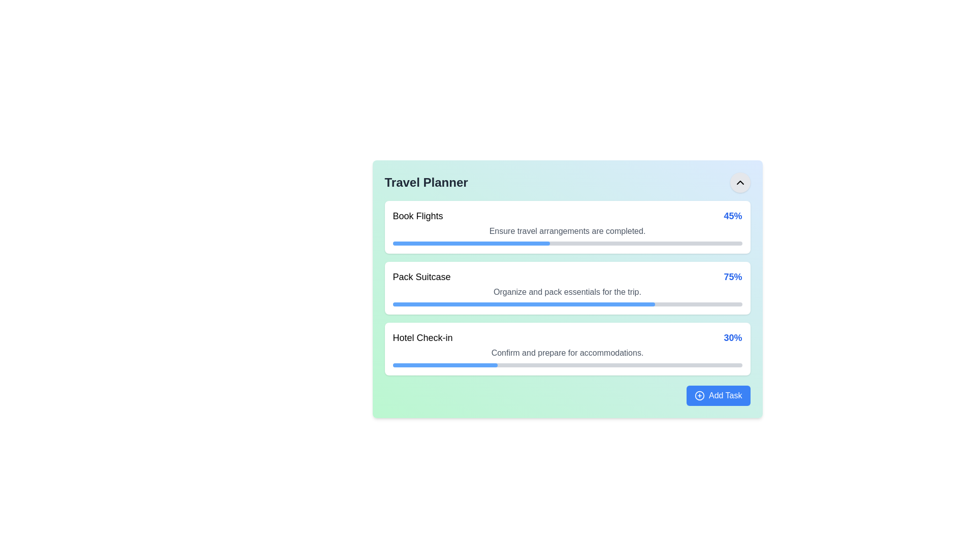  What do you see at coordinates (567, 288) in the screenshot?
I see `the second task block of the Task progress card in the 'Travel Planner'` at bounding box center [567, 288].